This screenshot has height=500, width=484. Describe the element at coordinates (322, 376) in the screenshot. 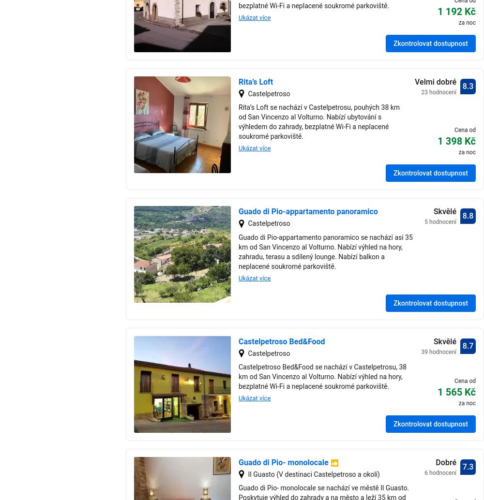

I see `'Castelpetroso Bed&Food se nachází v Castelpetrosu, 38 km od San Vincenzo al Volturno. Nabízí výhled na hory, bezplatné Wi-Fi a neplacené soukromé parkoviště.'` at that location.